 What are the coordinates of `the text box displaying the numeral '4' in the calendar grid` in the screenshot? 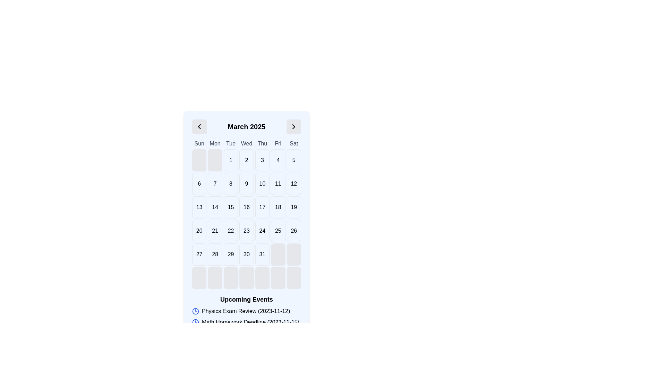 It's located at (278, 160).